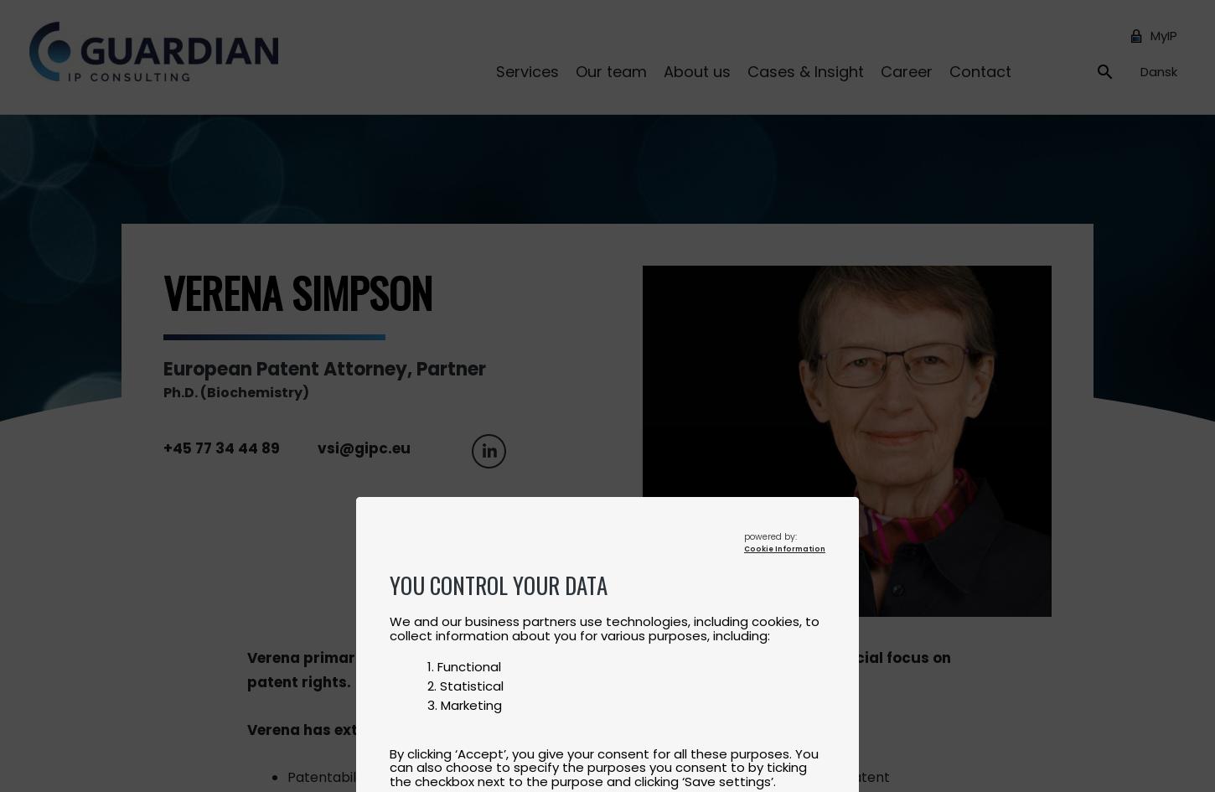 This screenshot has height=792, width=1215. What do you see at coordinates (163, 369) in the screenshot?
I see `'European Patent Attorney, Partner'` at bounding box center [163, 369].